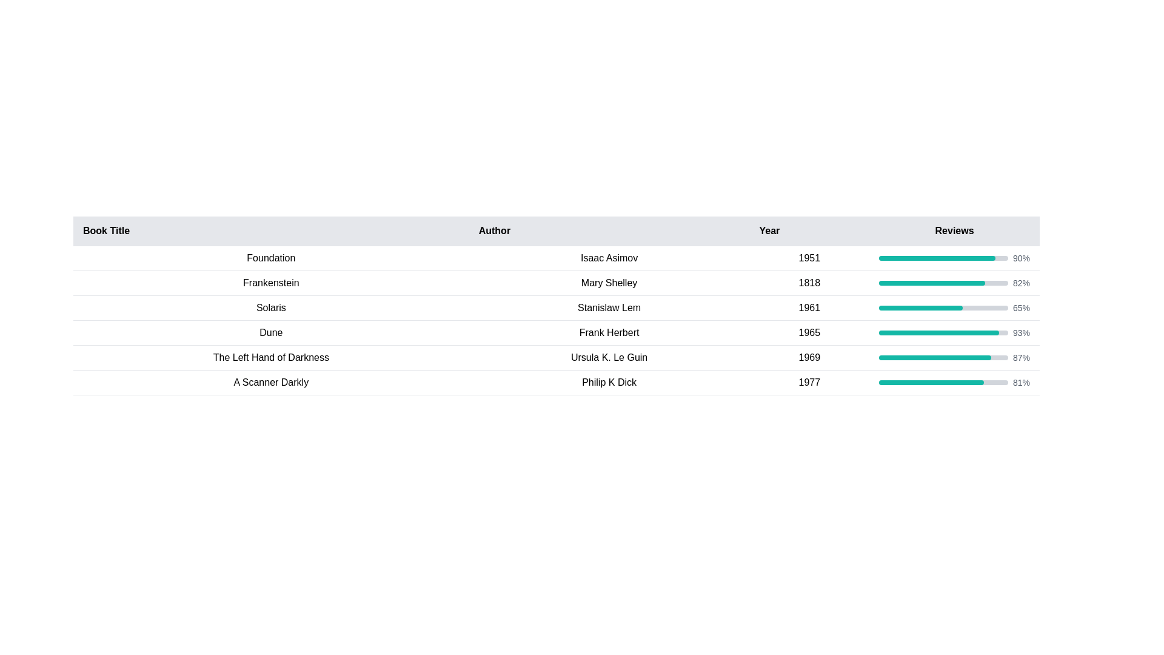 The width and height of the screenshot is (1164, 655). Describe the element at coordinates (1020, 332) in the screenshot. I see `the static text label displaying '93%' in gray font, located in the 'Reviews' column of the table for the book 'Dune', positioned to the right of the progress bar` at that location.